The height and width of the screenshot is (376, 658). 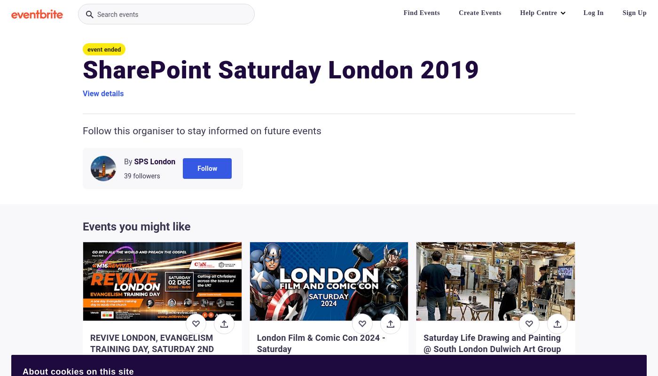 What do you see at coordinates (146, 176) in the screenshot?
I see `'followers'` at bounding box center [146, 176].